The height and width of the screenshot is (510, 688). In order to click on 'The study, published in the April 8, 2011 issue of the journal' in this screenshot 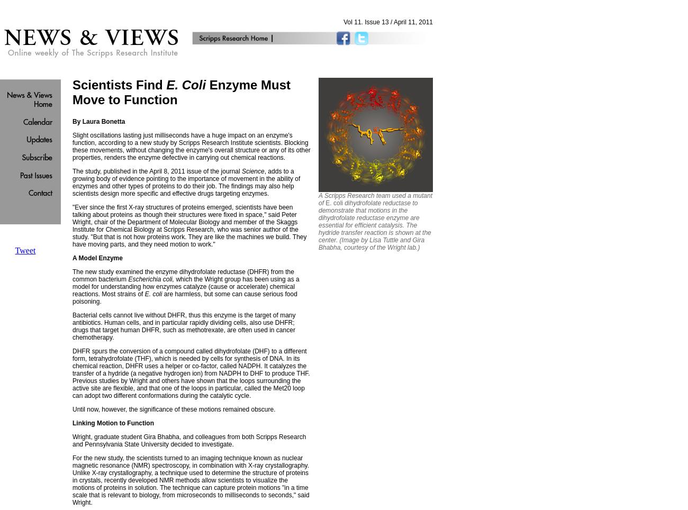, I will do `click(156, 170)`.